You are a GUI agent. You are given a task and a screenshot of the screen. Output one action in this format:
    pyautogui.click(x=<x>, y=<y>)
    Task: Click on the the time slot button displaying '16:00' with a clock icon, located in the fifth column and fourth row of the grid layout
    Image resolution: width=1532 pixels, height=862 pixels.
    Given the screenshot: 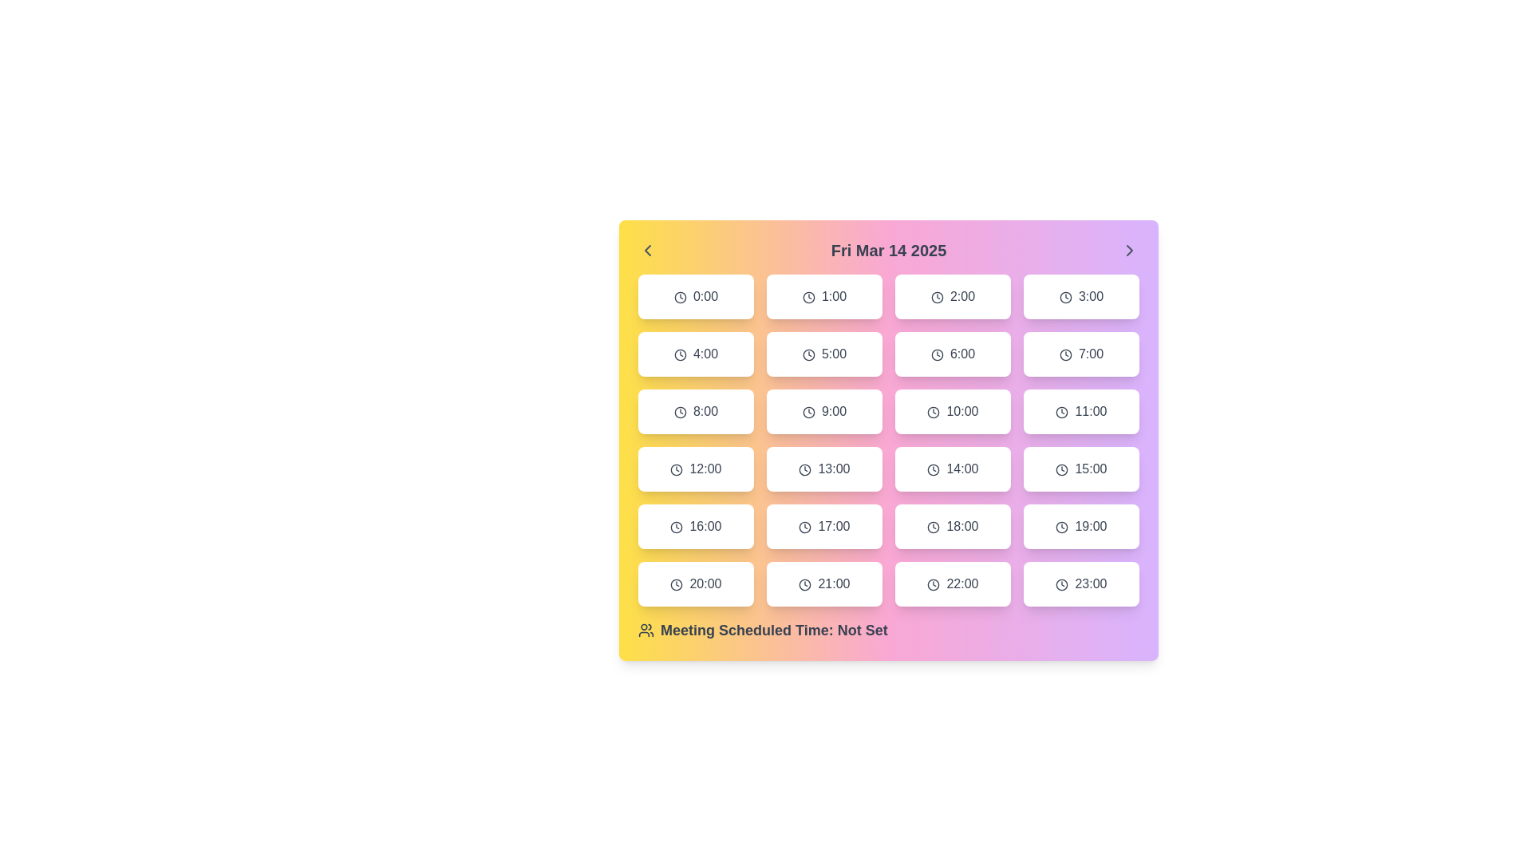 What is the action you would take?
    pyautogui.click(x=696, y=526)
    